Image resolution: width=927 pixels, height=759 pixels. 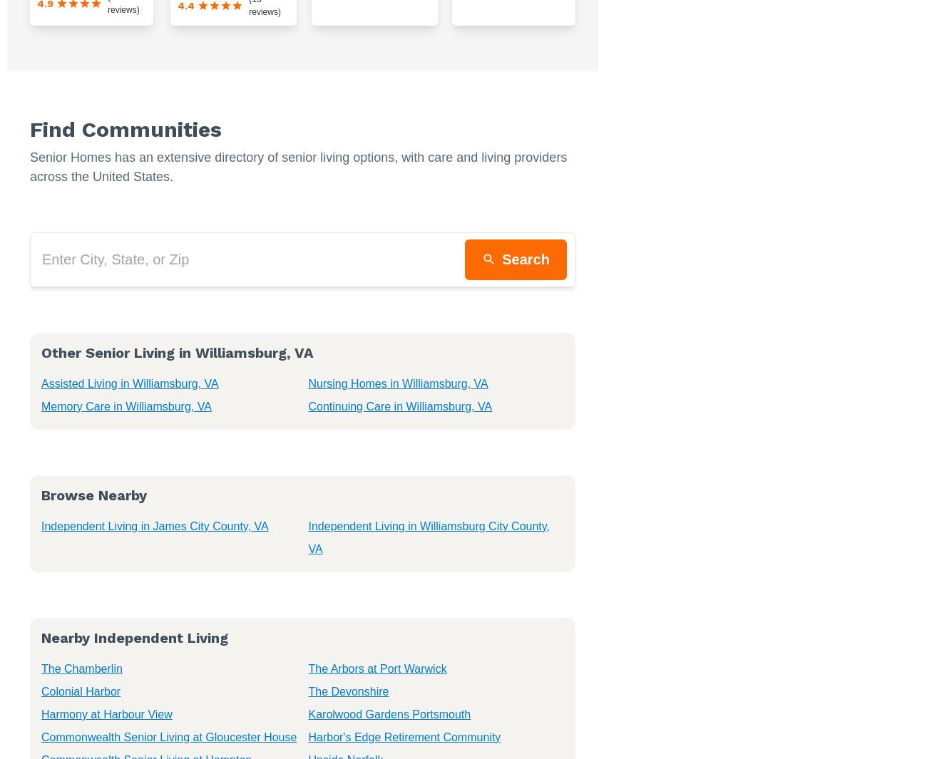 What do you see at coordinates (396, 383) in the screenshot?
I see `'Nursing Homes in Williamsburg, VA'` at bounding box center [396, 383].